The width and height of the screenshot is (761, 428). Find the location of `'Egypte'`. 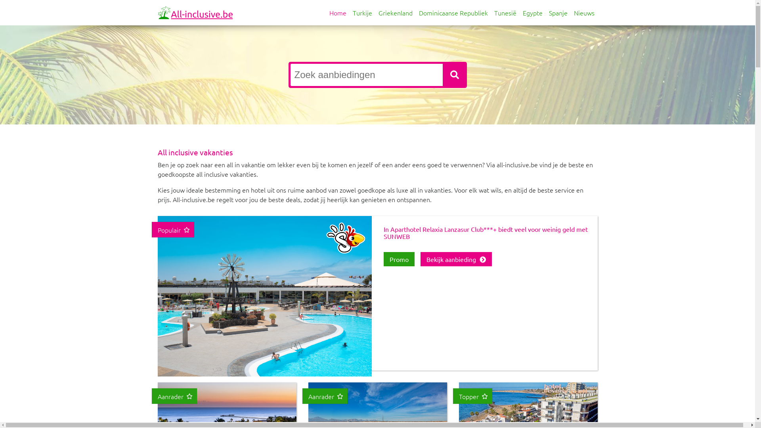

'Egypte' is located at coordinates (532, 12).